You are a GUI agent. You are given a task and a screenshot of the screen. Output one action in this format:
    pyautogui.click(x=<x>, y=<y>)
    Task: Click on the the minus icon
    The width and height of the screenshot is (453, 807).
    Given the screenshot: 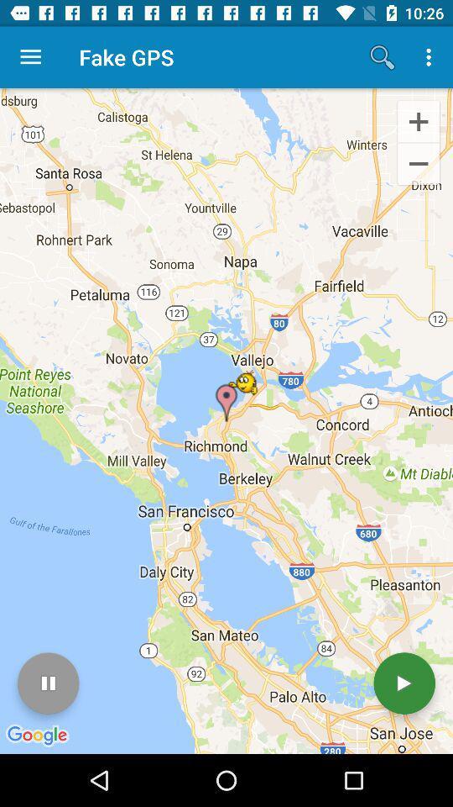 What is the action you would take?
    pyautogui.click(x=418, y=165)
    